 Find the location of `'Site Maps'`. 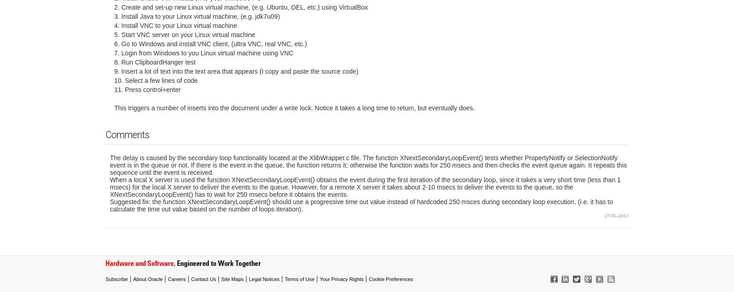

'Site Maps' is located at coordinates (221, 278).